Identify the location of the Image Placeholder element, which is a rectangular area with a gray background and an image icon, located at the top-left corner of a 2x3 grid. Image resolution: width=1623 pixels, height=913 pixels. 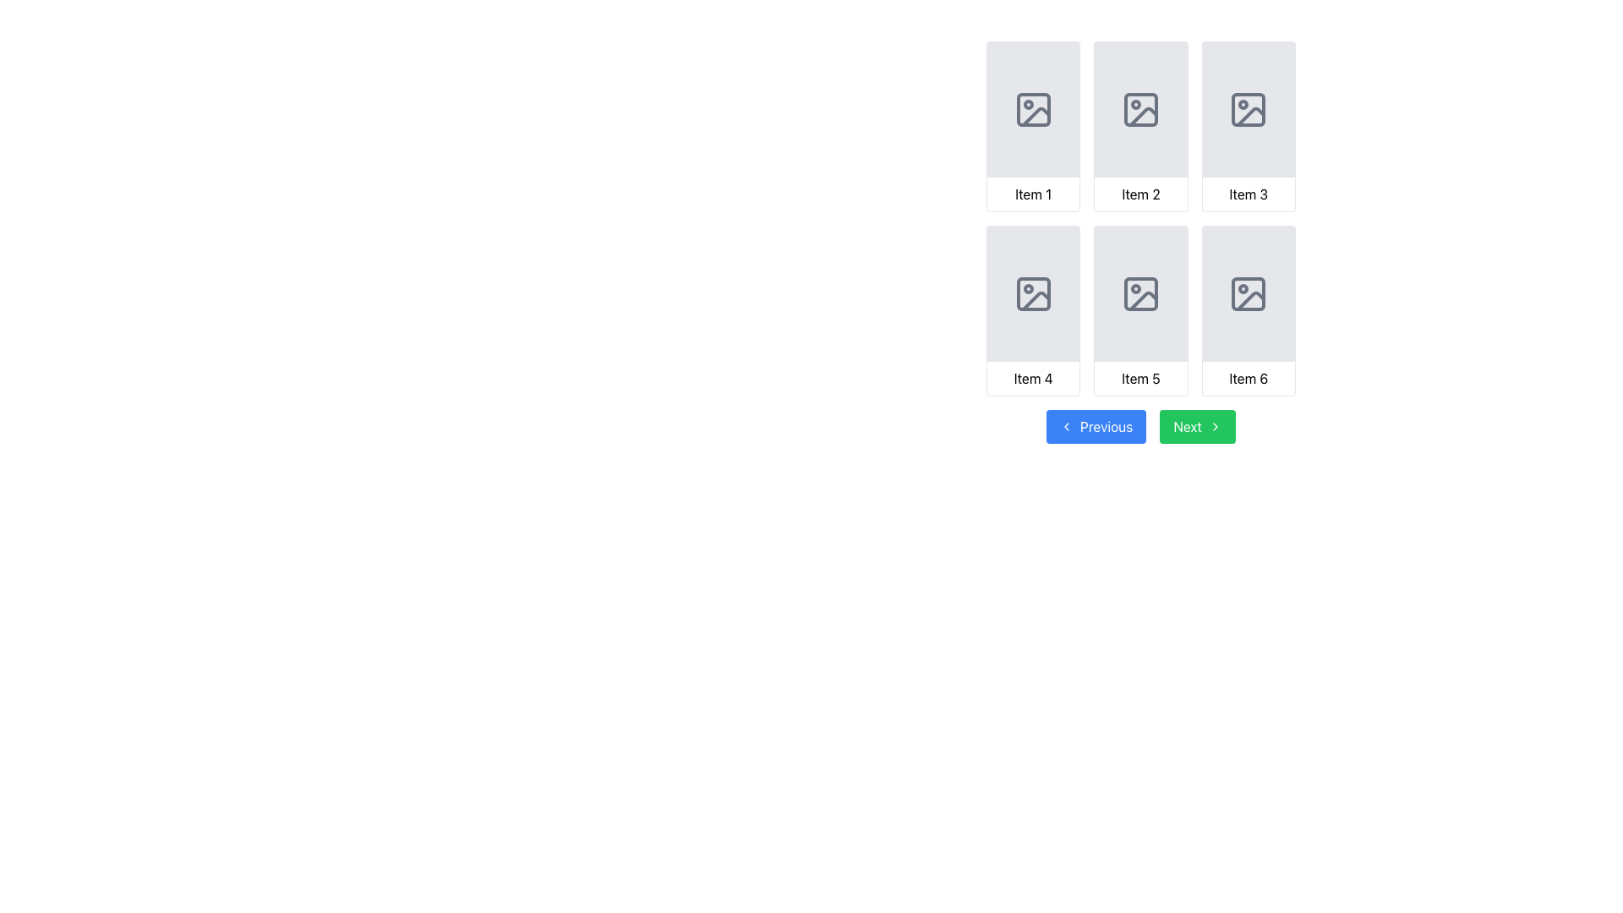
(1032, 110).